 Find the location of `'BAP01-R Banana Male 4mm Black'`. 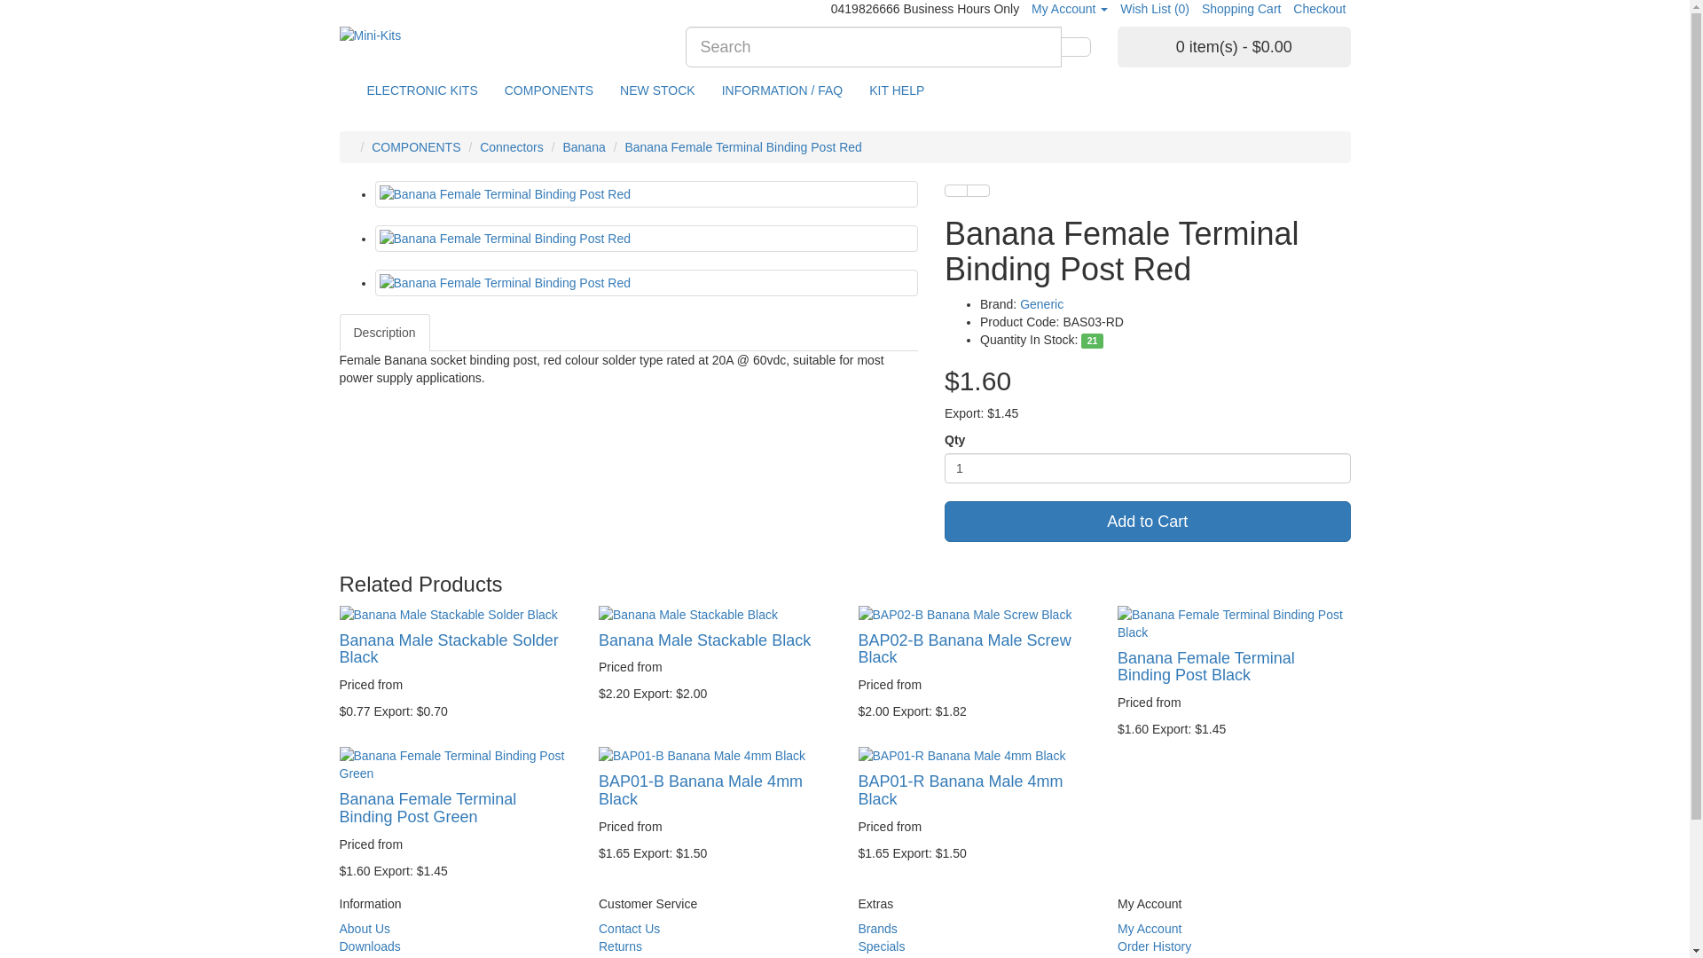

'BAP01-R Banana Male 4mm Black' is located at coordinates (960, 789).